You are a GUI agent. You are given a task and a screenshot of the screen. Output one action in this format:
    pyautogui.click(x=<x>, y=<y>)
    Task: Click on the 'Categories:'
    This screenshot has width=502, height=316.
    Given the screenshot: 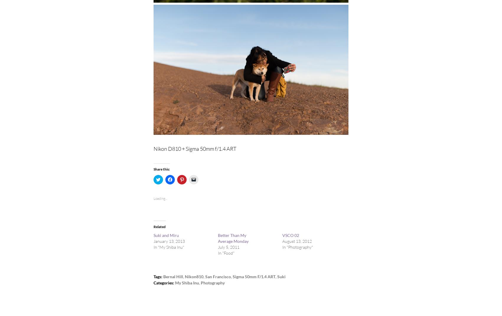 What is the action you would take?
    pyautogui.click(x=164, y=282)
    